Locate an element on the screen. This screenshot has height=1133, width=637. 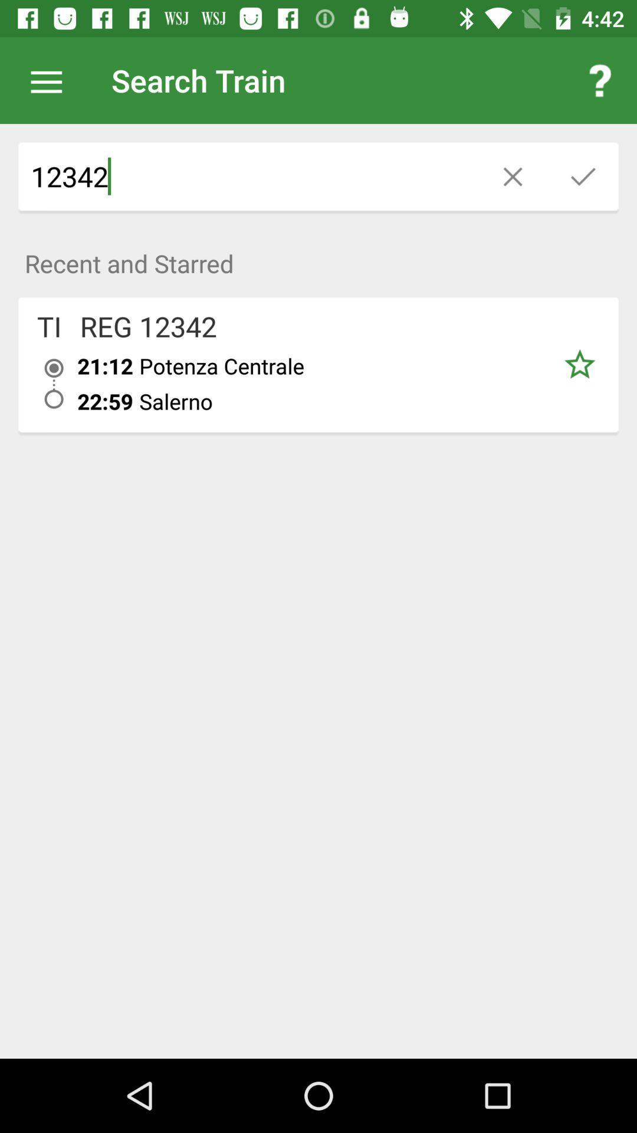
options is located at coordinates (52, 80).